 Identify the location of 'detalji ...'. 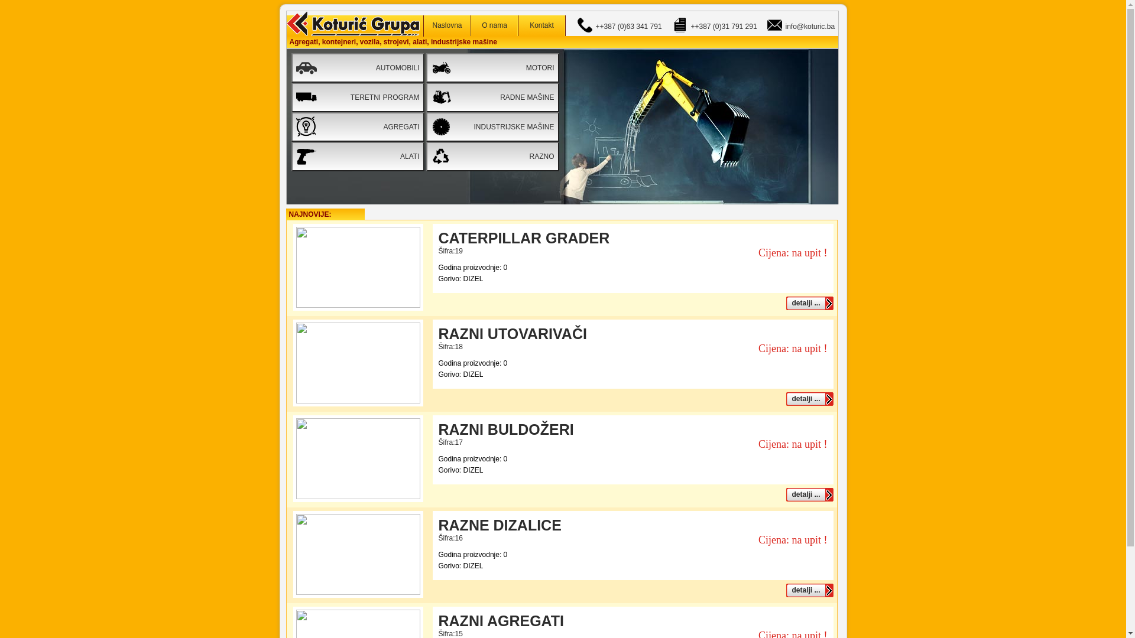
(809, 302).